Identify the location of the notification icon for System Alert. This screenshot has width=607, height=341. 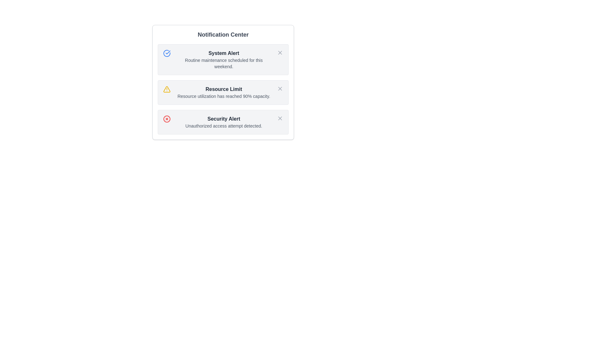
(167, 53).